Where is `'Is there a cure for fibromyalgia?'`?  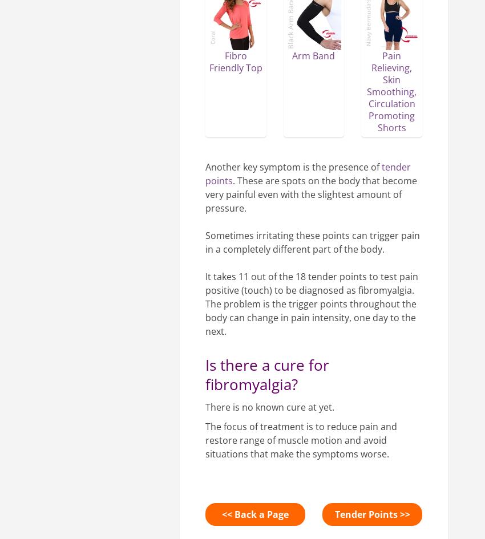
'Is there a cure for fibromyalgia?' is located at coordinates (204, 374).